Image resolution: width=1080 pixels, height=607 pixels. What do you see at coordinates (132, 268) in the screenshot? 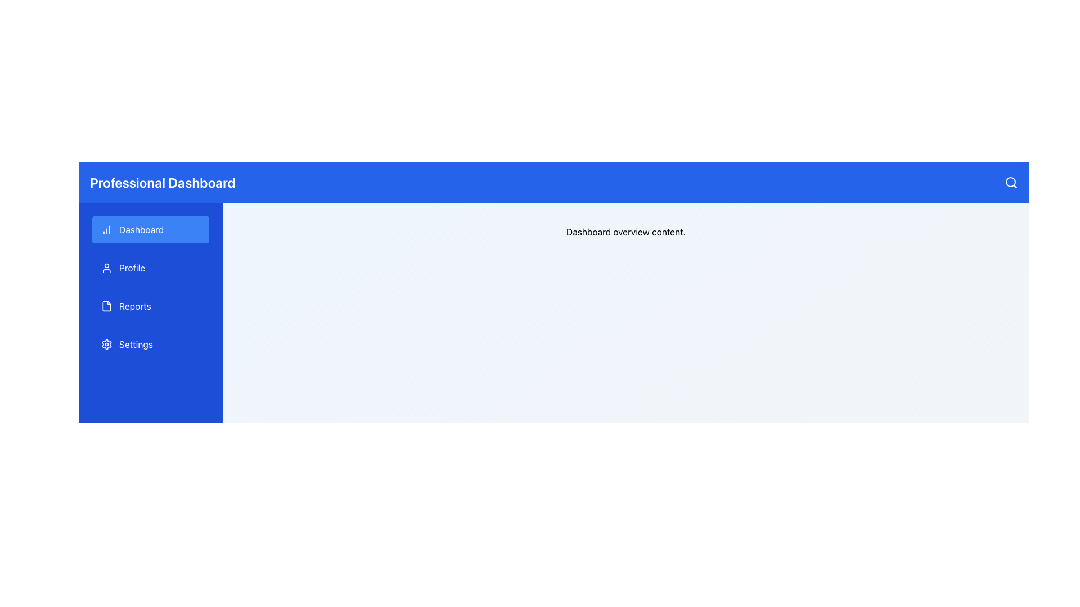
I see `the 'Profile' text label displayed in white on a blue background, which is aligned with a user profile icon to its left within the sidebar menu under the 'Dashboard' item` at bounding box center [132, 268].